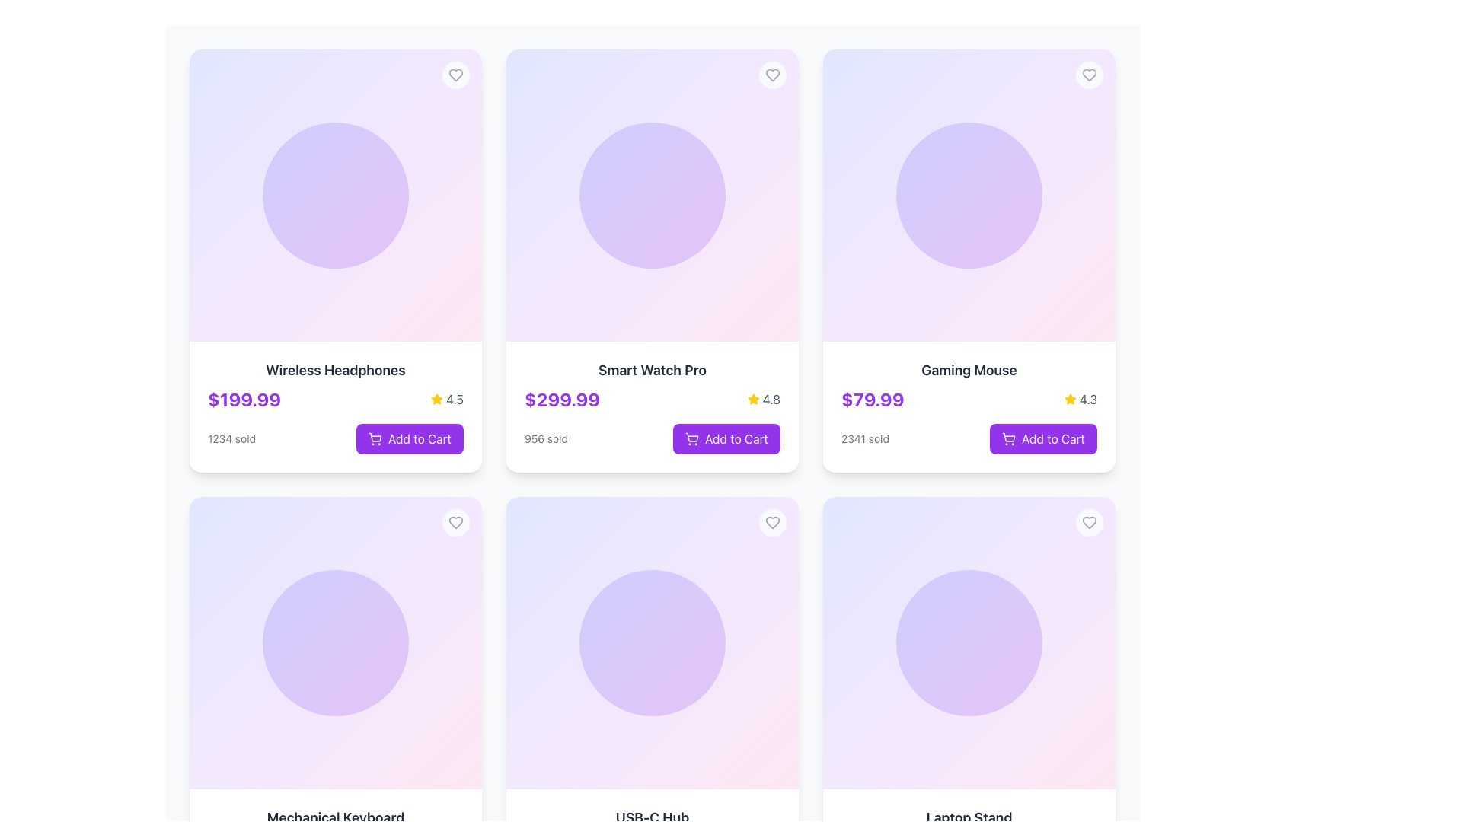  What do you see at coordinates (653, 195) in the screenshot?
I see `the decorative circle element located at the top-center of the product card for 'Smart Watch Pro', enhancing the visual presentation` at bounding box center [653, 195].